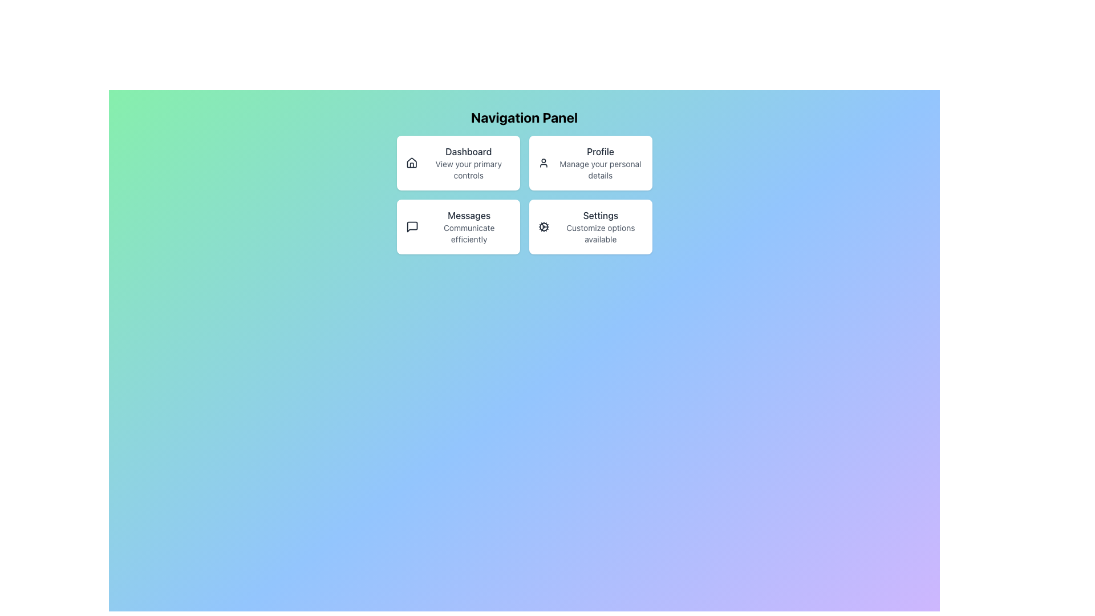 This screenshot has height=616, width=1095. Describe the element at coordinates (458, 226) in the screenshot. I see `the navigation button or card located in the bottom-left position of a 2x2 grid` at that location.